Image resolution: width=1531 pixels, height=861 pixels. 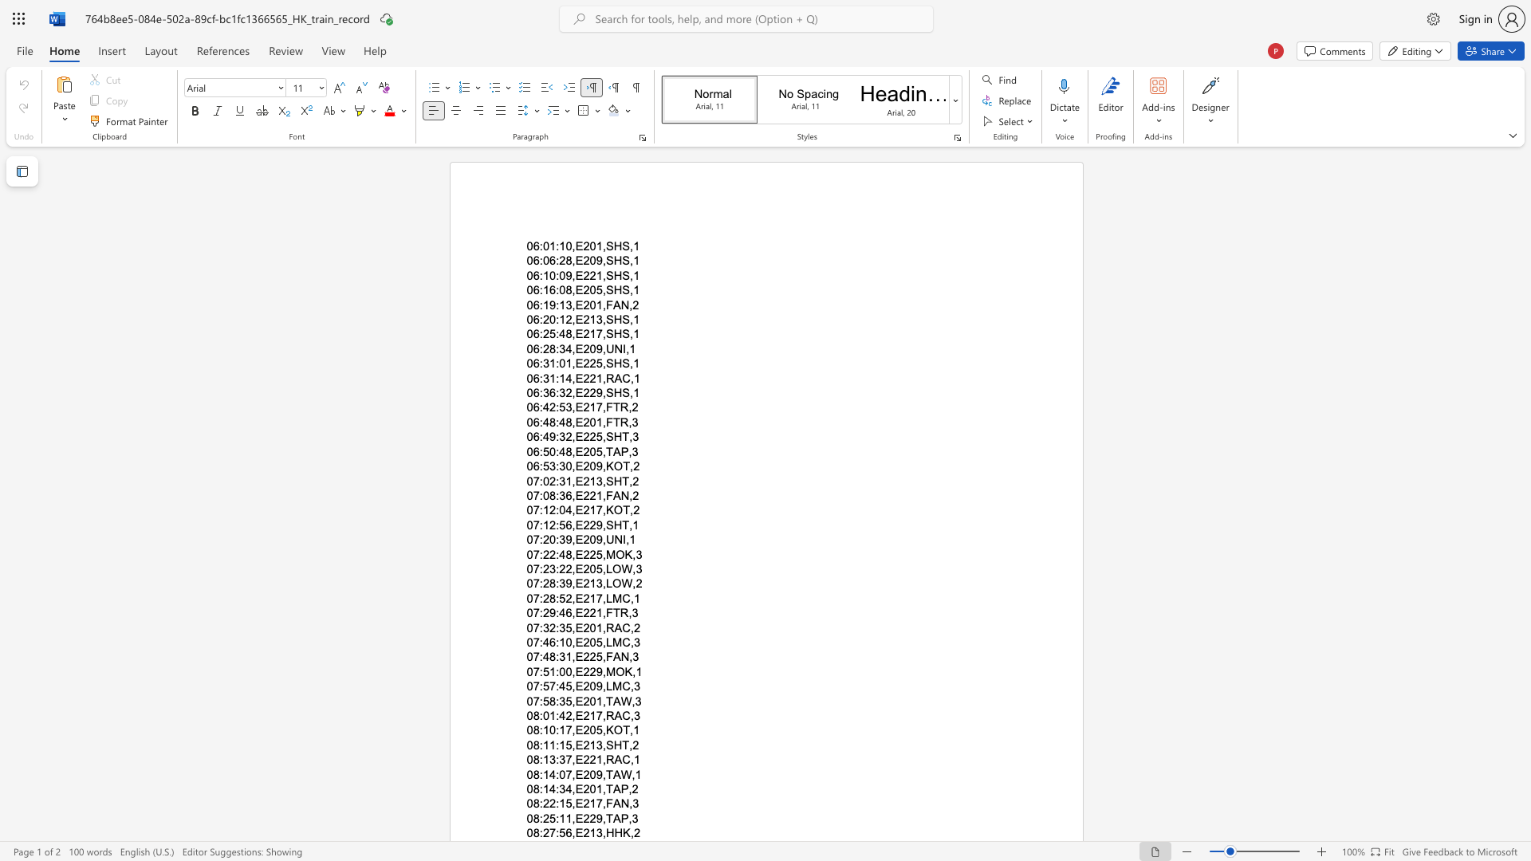 What do you see at coordinates (542, 539) in the screenshot?
I see `the subset text "20:39,E209,UNI" within the text "07:20:39,E209,UNI,1"` at bounding box center [542, 539].